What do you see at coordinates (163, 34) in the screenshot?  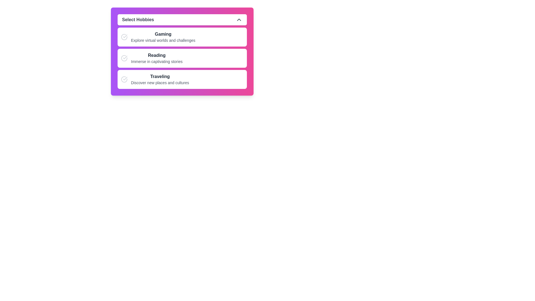 I see `the 'Gaming' text label, which serves as a header for the hobby selection item in the select hobbies dialog` at bounding box center [163, 34].